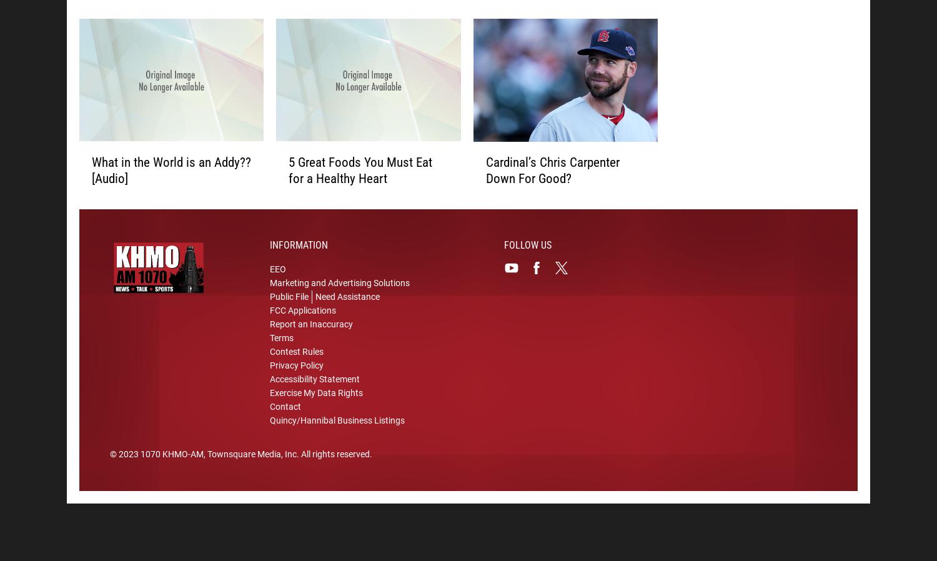 The height and width of the screenshot is (561, 937). Describe the element at coordinates (269, 353) in the screenshot. I see `'Contest Rules'` at that location.